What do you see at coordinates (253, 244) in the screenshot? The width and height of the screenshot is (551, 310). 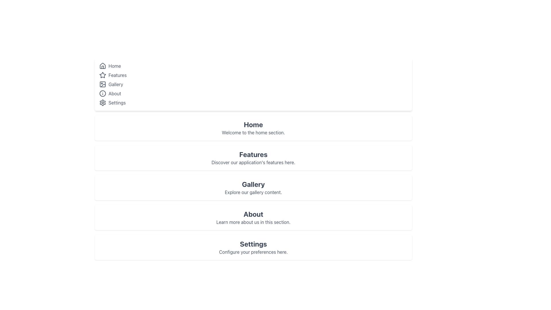 I see `the 'Settings' Text Label, which serves as a section title within the lower section of the interface, indicating the start of the settings area` at bounding box center [253, 244].